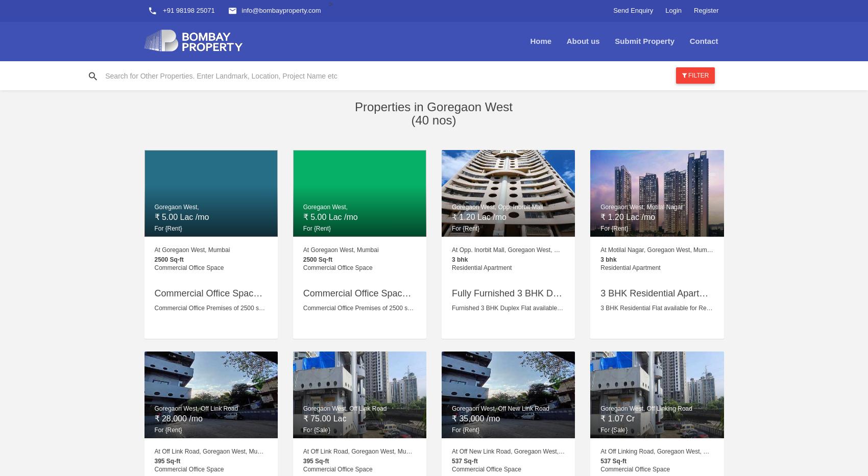 This screenshot has height=476, width=868. What do you see at coordinates (187, 10) in the screenshot?
I see `'+91 98198 25071'` at bounding box center [187, 10].